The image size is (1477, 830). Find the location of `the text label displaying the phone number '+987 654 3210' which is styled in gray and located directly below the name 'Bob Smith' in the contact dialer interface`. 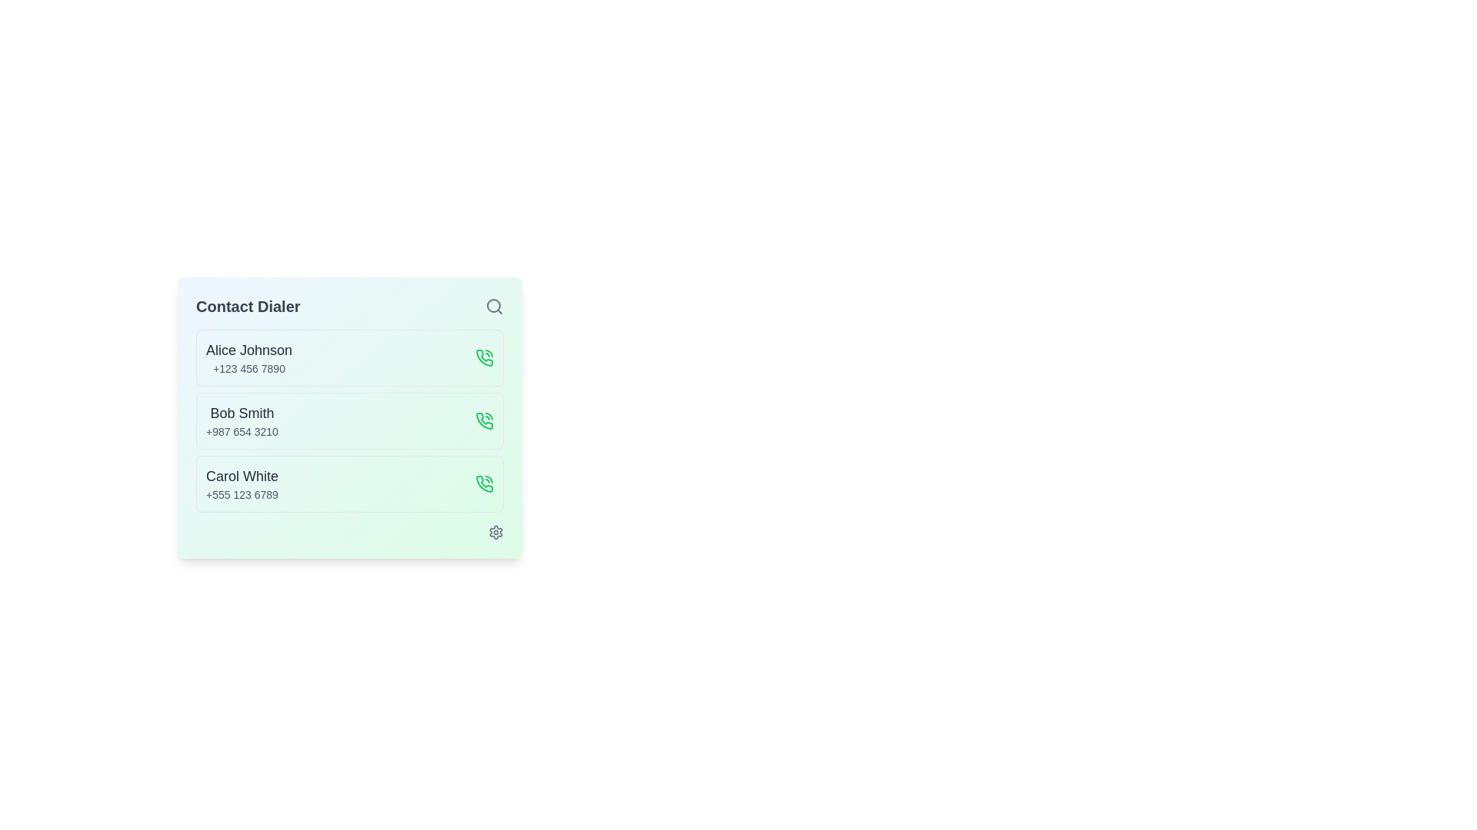

the text label displaying the phone number '+987 654 3210' which is styled in gray and located directly below the name 'Bob Smith' in the contact dialer interface is located at coordinates (241, 432).